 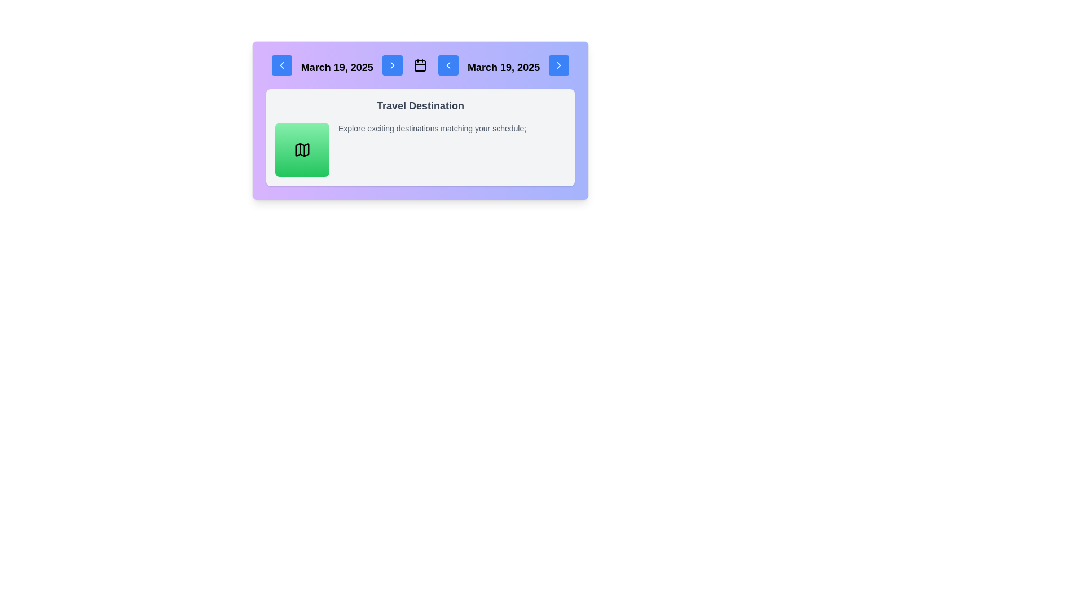 What do you see at coordinates (302, 149) in the screenshot?
I see `the button that serves as an interactive placeholder for navigating or exploring destinations, indicated by the map icon` at bounding box center [302, 149].